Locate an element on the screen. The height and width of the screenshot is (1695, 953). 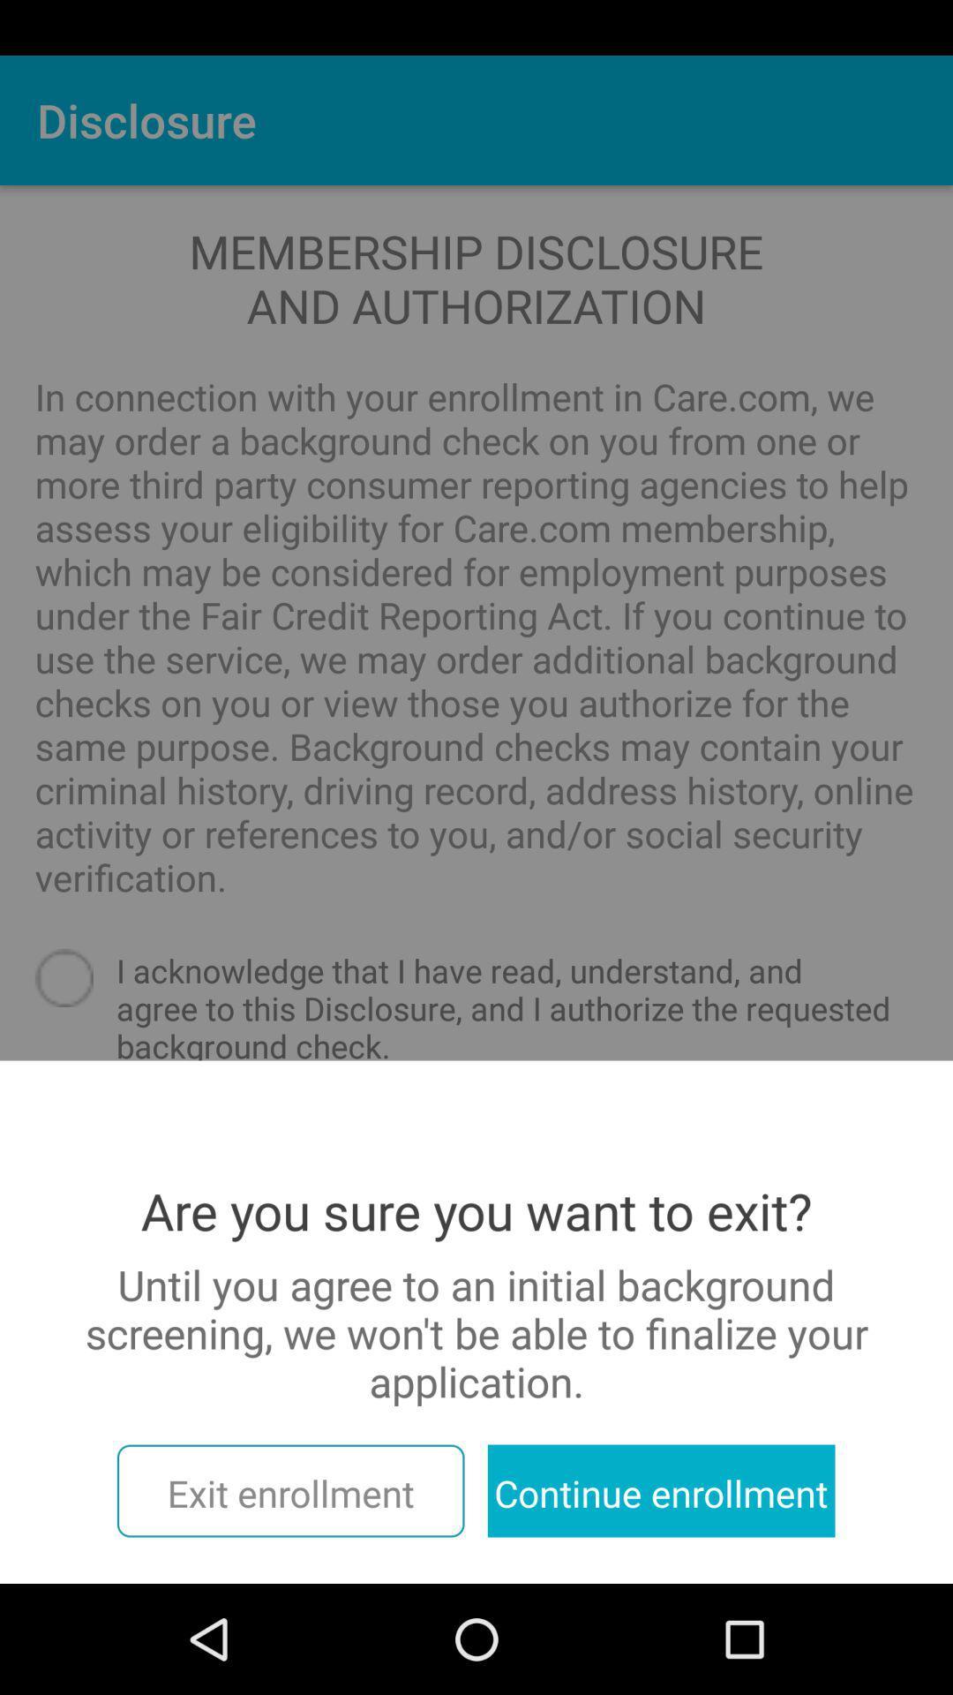
the icon to the left of continue enrollment item is located at coordinates (289, 1490).